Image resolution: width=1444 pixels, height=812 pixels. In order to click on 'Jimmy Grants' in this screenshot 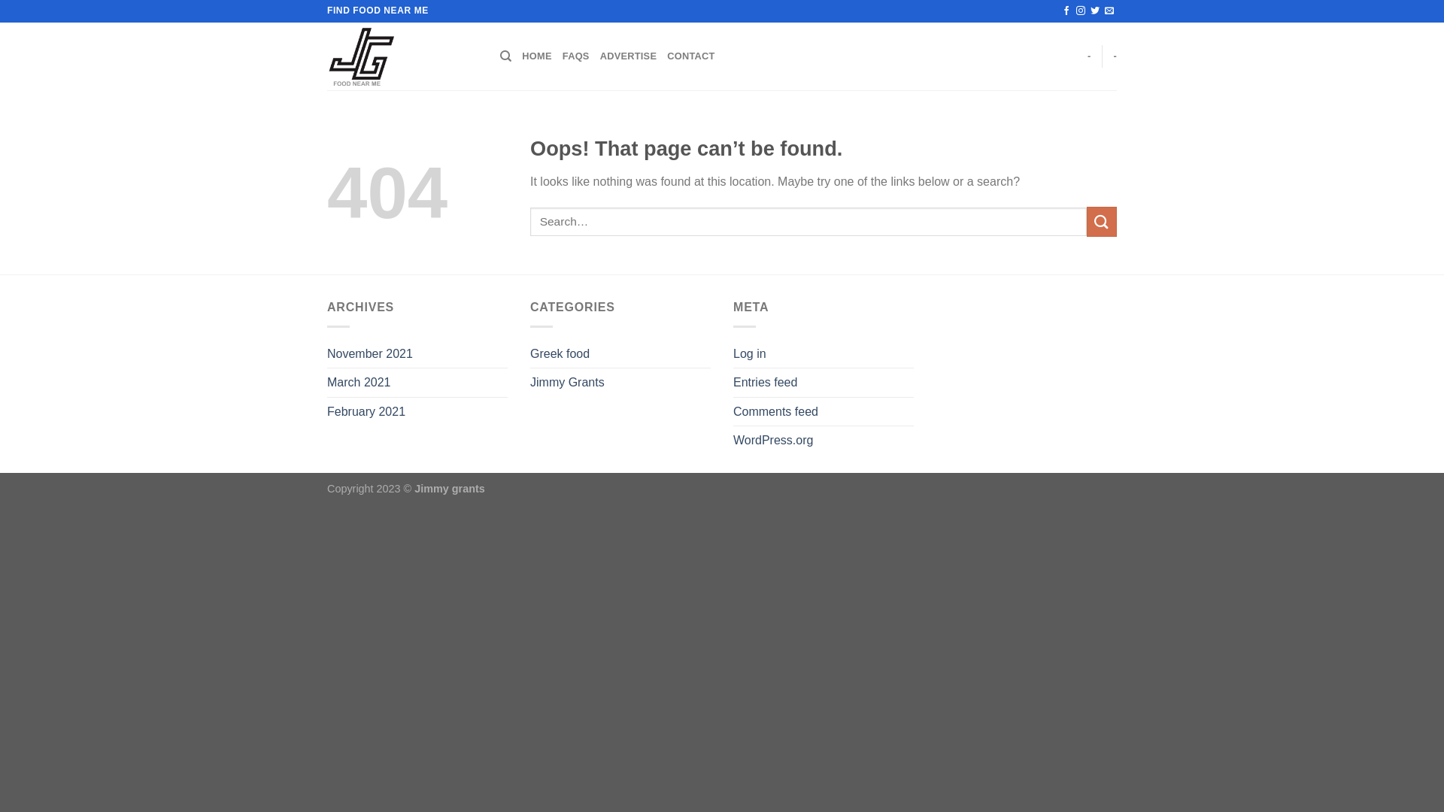, I will do `click(566, 382)`.